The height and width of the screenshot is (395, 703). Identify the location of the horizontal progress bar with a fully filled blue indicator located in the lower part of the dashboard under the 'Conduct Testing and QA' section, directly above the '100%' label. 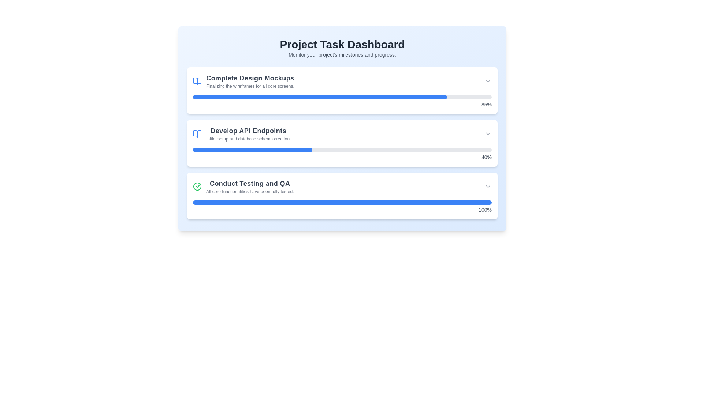
(342, 203).